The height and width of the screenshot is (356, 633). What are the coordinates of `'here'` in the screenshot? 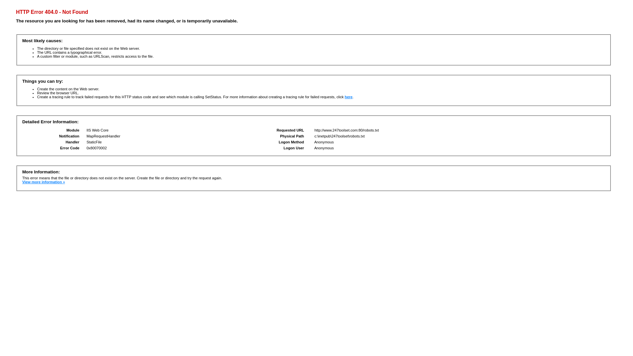 It's located at (348, 97).